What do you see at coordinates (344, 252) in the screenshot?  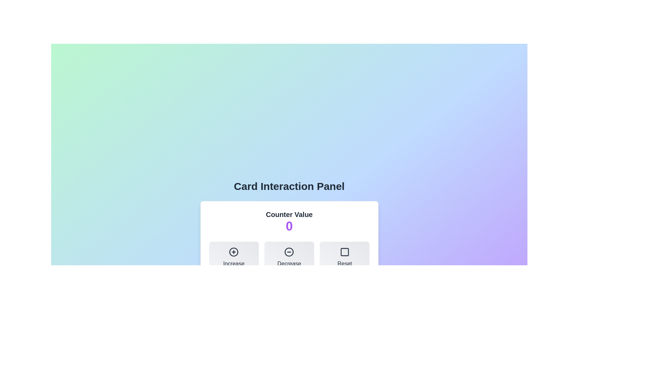 I see `the 'Reset' icon, which is the topmost visual element within a card that also contains the text 'Reset'` at bounding box center [344, 252].